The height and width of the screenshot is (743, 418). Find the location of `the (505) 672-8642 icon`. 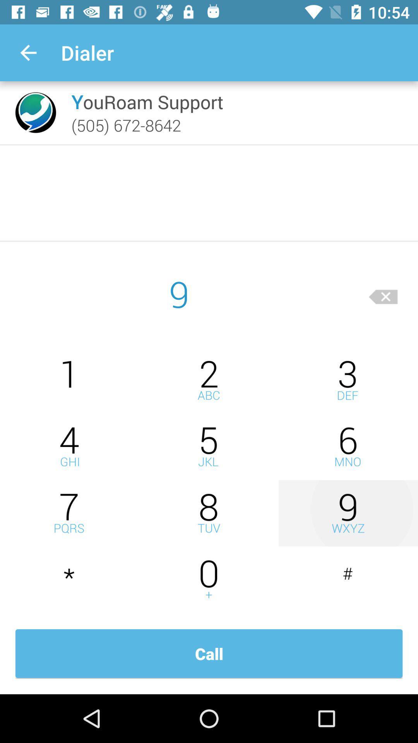

the (505) 672-8642 icon is located at coordinates (126, 125).